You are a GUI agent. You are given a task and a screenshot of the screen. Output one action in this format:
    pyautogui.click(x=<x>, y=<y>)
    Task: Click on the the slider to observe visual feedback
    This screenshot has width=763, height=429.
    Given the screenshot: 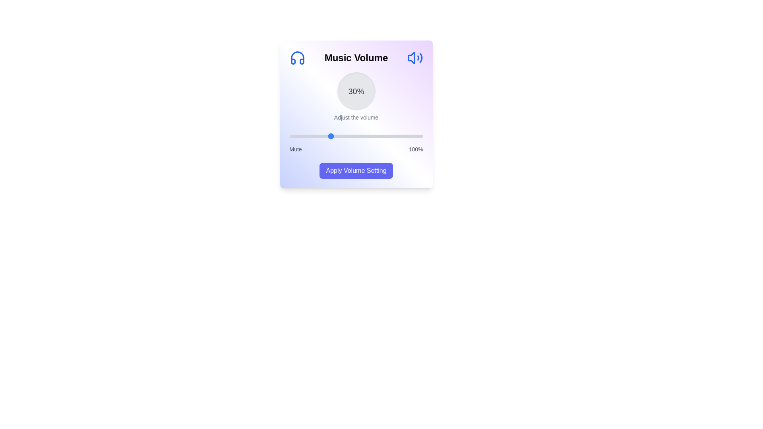 What is the action you would take?
    pyautogui.click(x=356, y=136)
    